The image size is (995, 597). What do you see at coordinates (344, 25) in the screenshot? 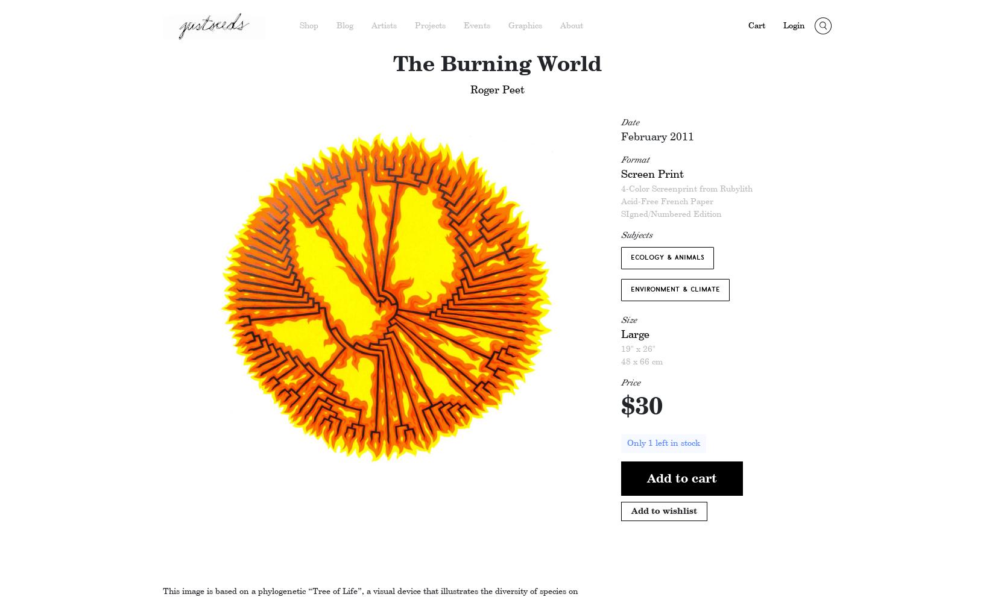
I see `'Blog'` at bounding box center [344, 25].